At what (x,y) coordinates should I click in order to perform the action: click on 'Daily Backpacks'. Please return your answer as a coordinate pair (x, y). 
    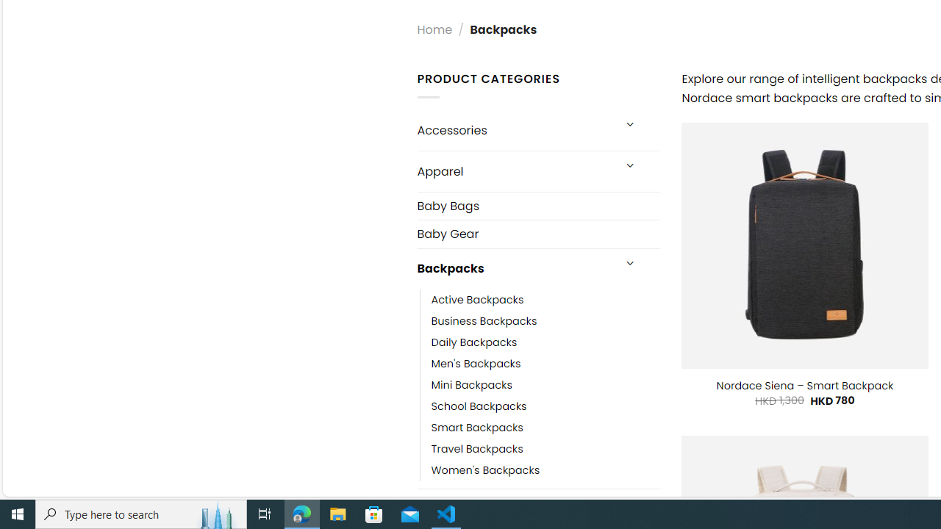
    Looking at the image, I should click on (474, 342).